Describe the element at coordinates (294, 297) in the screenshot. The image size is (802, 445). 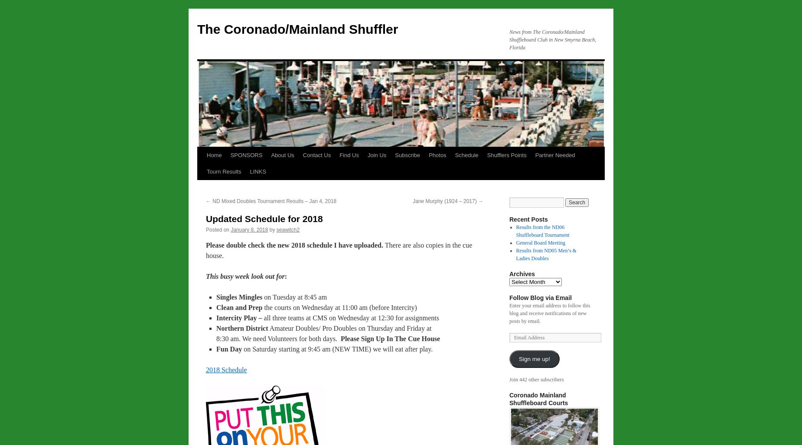
I see `'on Tuesday at 8:45 am'` at that location.